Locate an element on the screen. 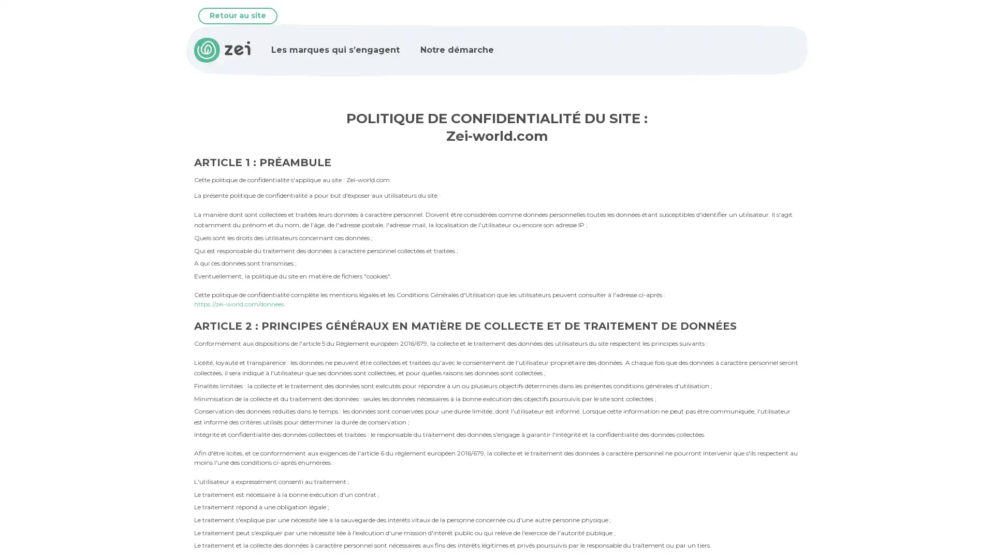 The image size is (994, 559). Tout accepter is located at coordinates (106, 489).